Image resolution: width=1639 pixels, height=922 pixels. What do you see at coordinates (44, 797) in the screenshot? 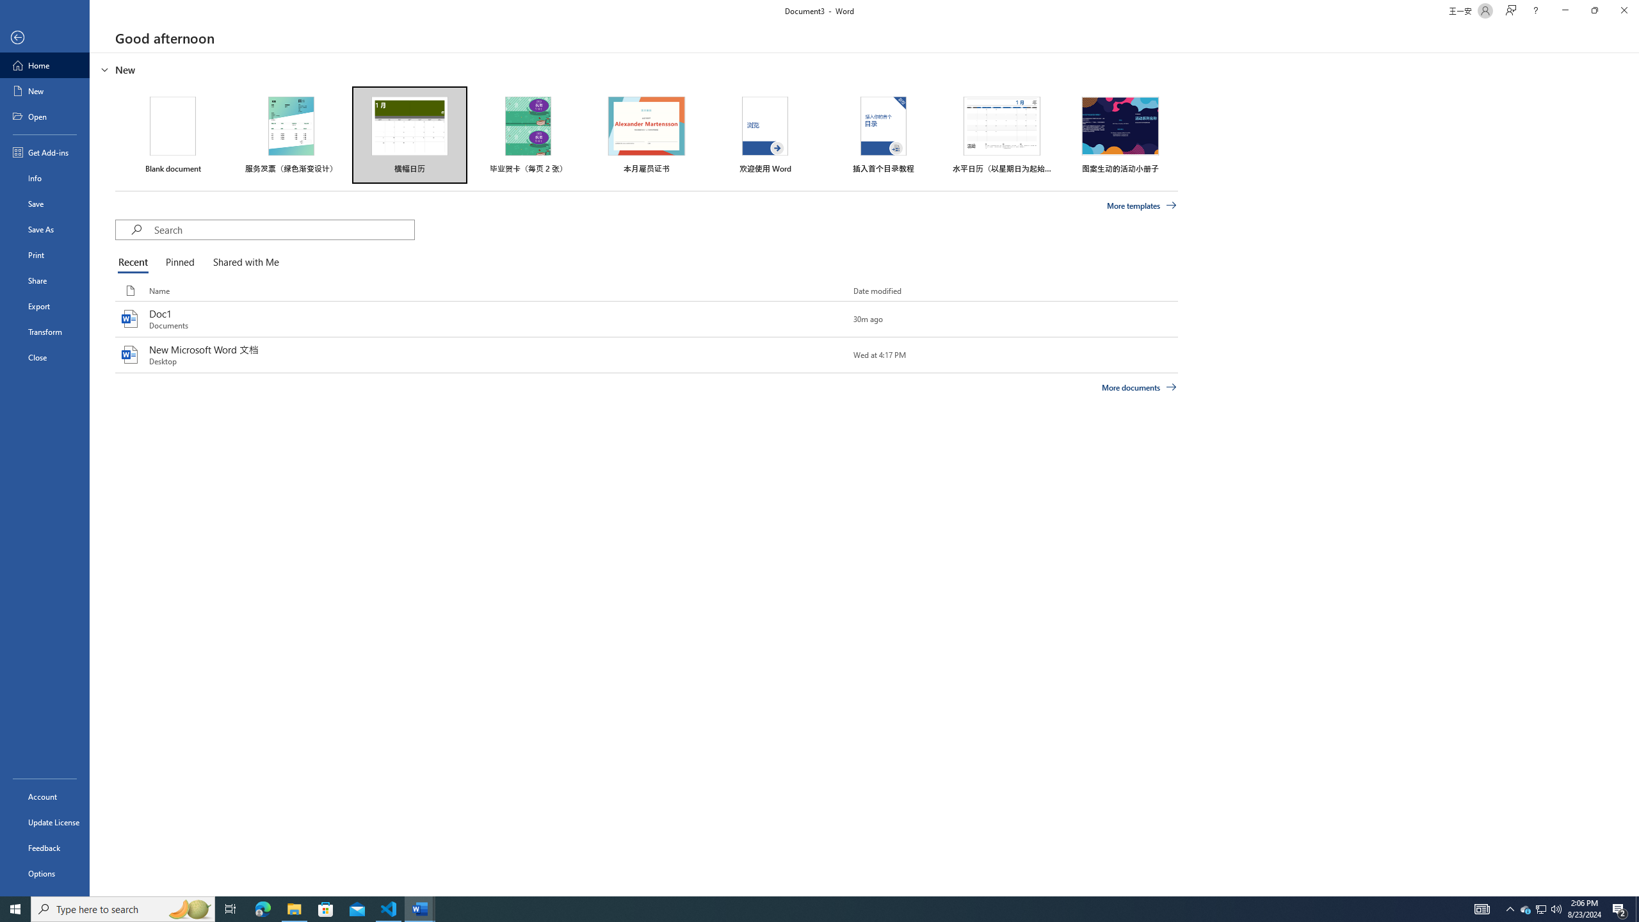
I see `'Account'` at bounding box center [44, 797].